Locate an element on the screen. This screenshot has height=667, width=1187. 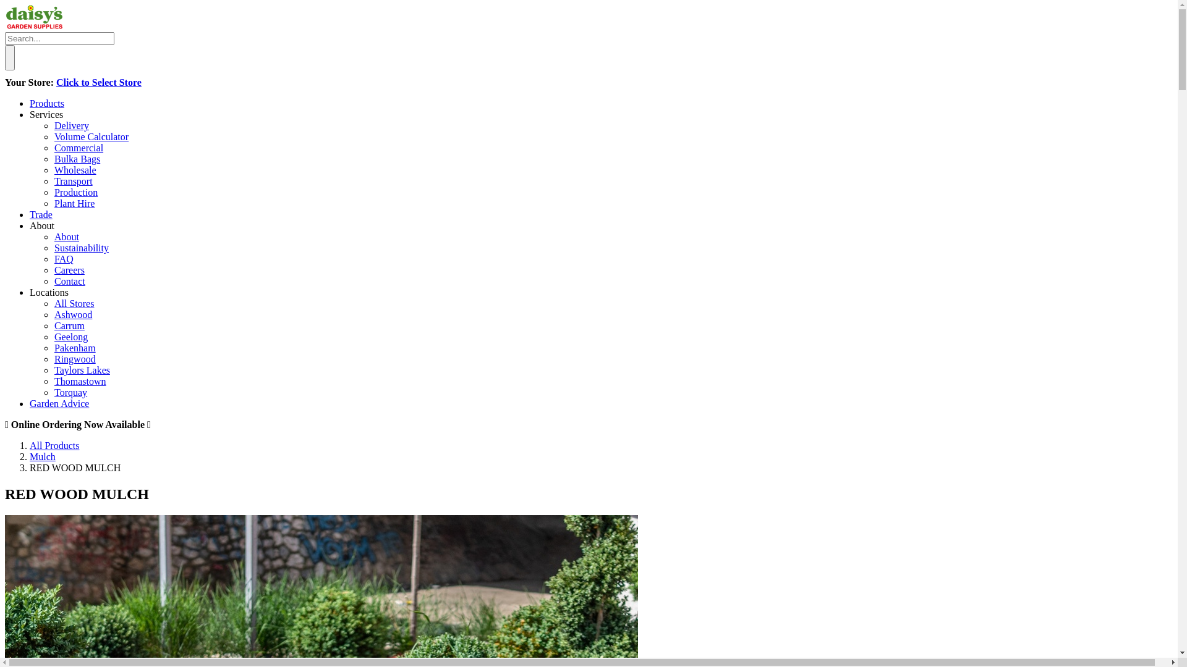
'Locations' is located at coordinates (49, 292).